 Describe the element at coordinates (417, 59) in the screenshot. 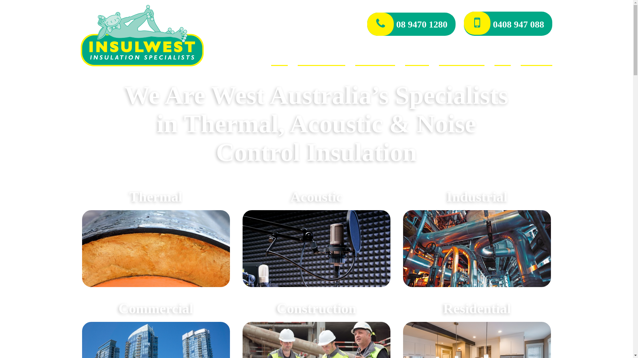

I see `'Types'` at that location.